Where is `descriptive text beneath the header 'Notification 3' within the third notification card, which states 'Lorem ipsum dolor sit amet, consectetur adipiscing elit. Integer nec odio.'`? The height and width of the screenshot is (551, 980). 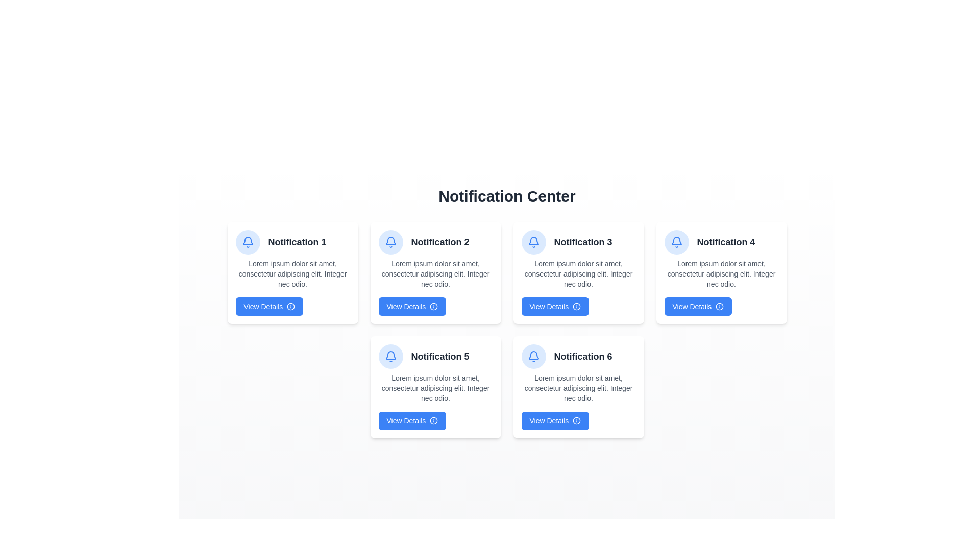 descriptive text beneath the header 'Notification 3' within the third notification card, which states 'Lorem ipsum dolor sit amet, consectetur adipiscing elit. Integer nec odio.' is located at coordinates (578, 273).